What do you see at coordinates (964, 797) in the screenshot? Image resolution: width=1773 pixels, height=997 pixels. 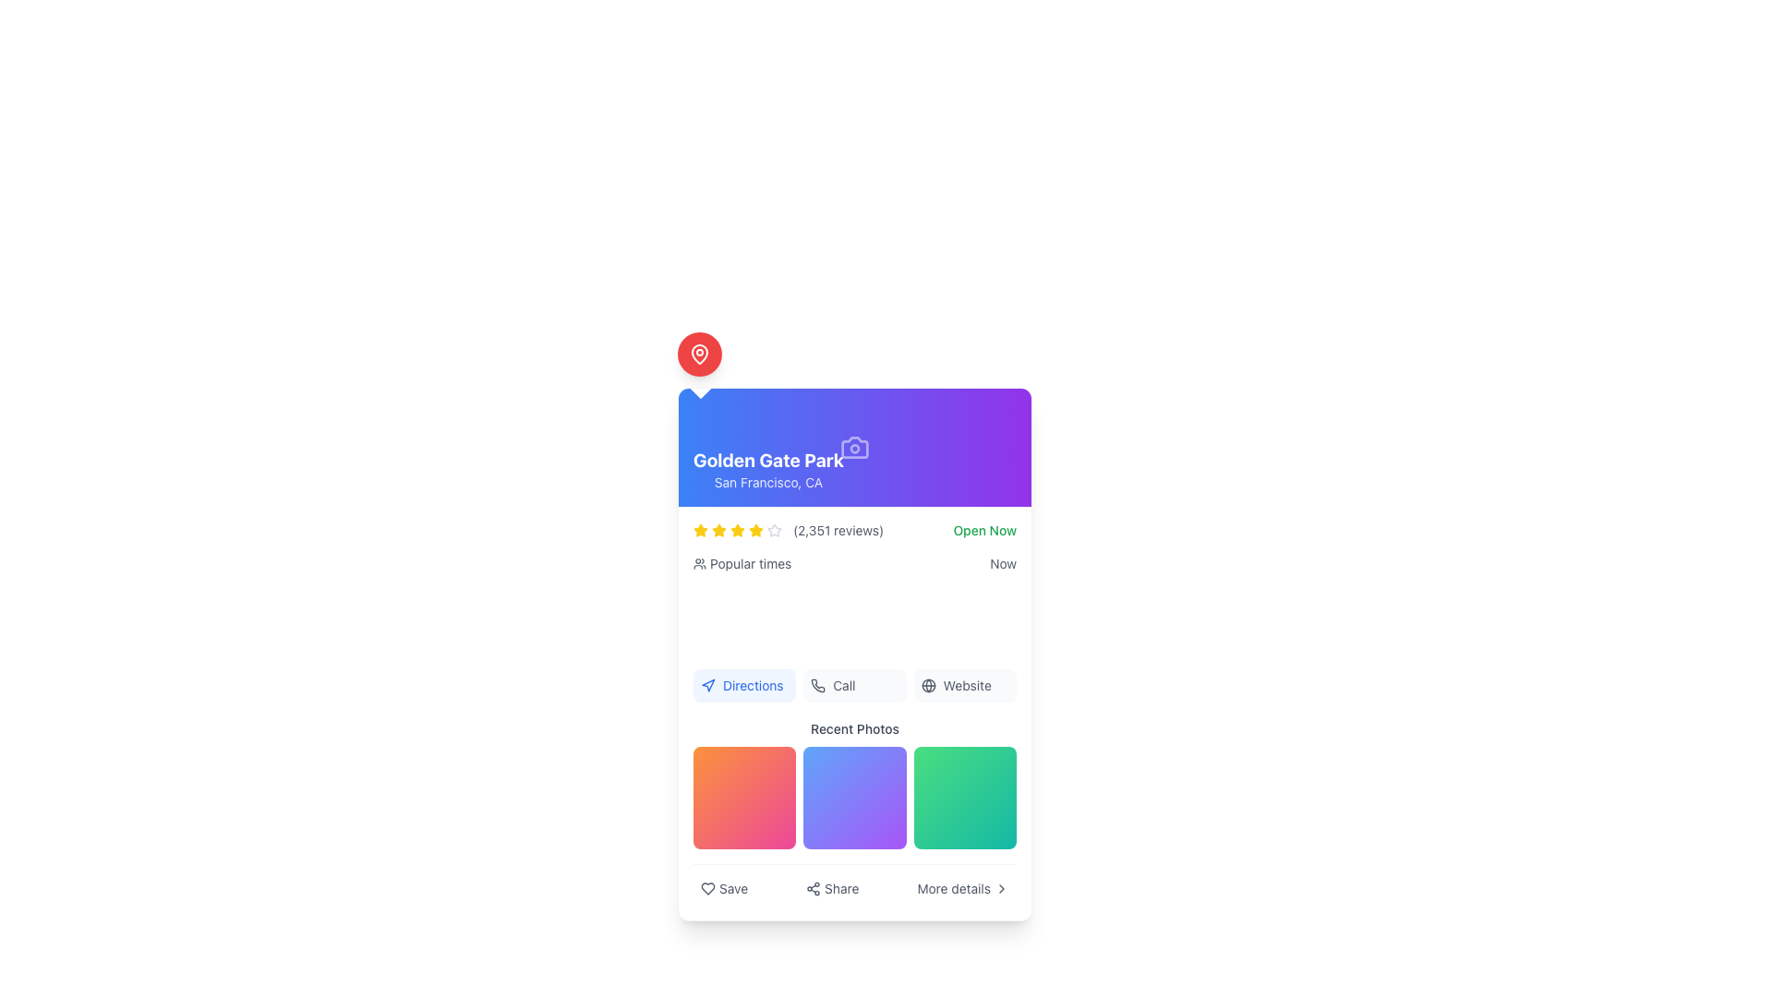 I see `the visually distinct square-shaped button with rounded corners and a gradient background transitioning from green to teal, located at the bottom of the card labeled 'Golden Gate Park', which is the last element in a three-column layout` at bounding box center [964, 797].